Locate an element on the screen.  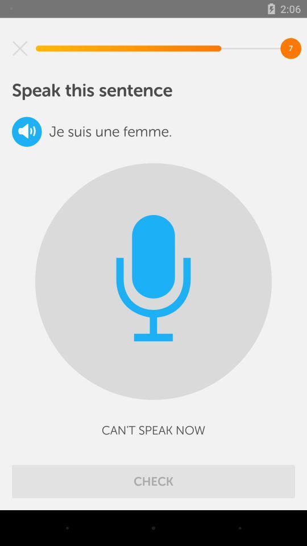
item above speak this sentence is located at coordinates (20, 48).